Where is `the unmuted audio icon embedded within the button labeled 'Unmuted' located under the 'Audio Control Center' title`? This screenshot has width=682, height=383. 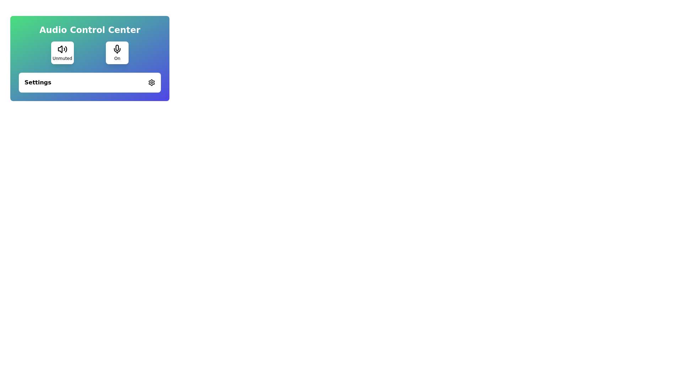 the unmuted audio icon embedded within the button labeled 'Unmuted' located under the 'Audio Control Center' title is located at coordinates (62, 49).